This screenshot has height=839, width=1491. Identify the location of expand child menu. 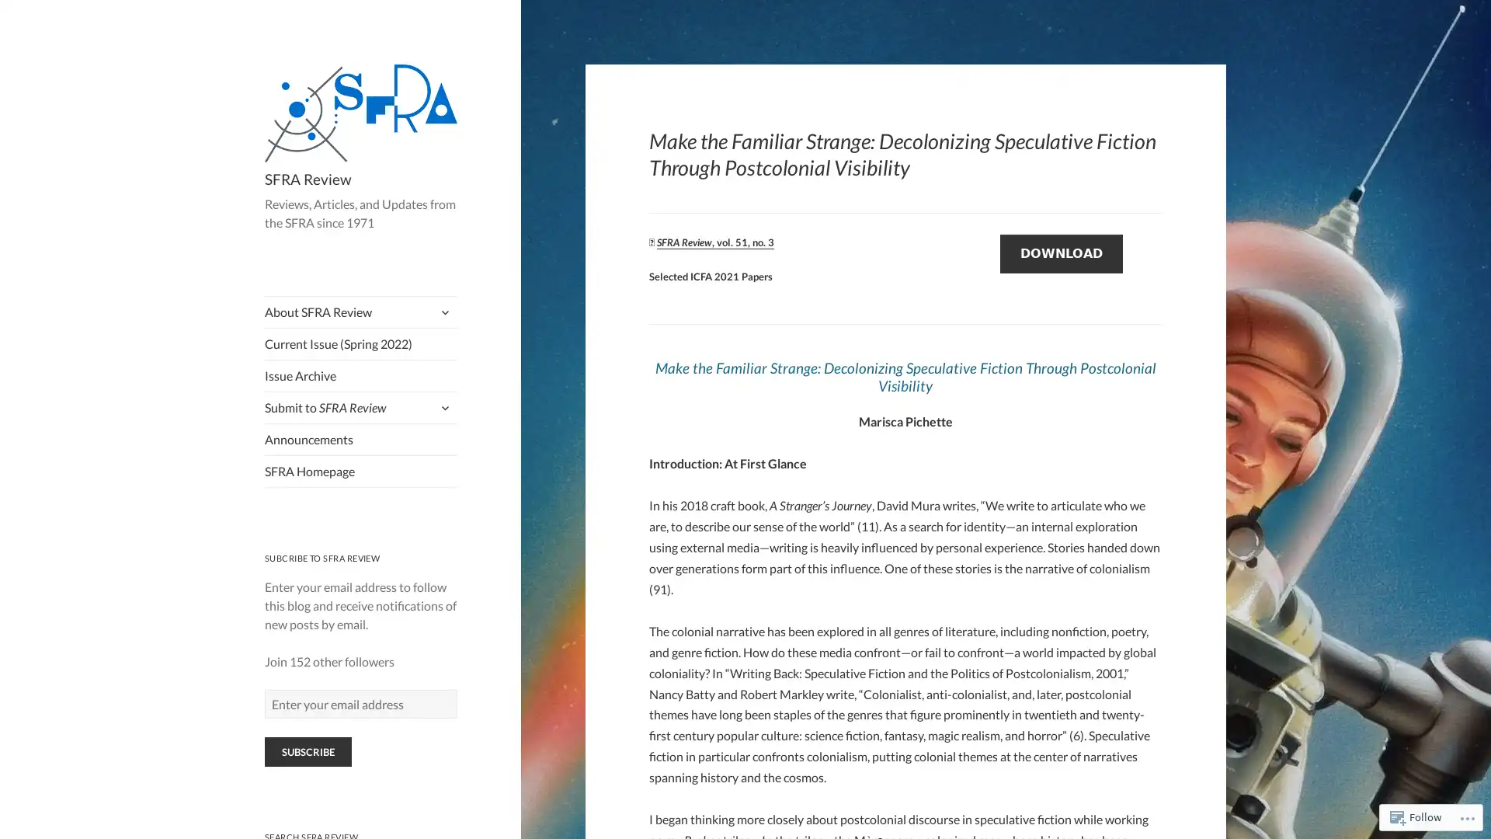
(443, 312).